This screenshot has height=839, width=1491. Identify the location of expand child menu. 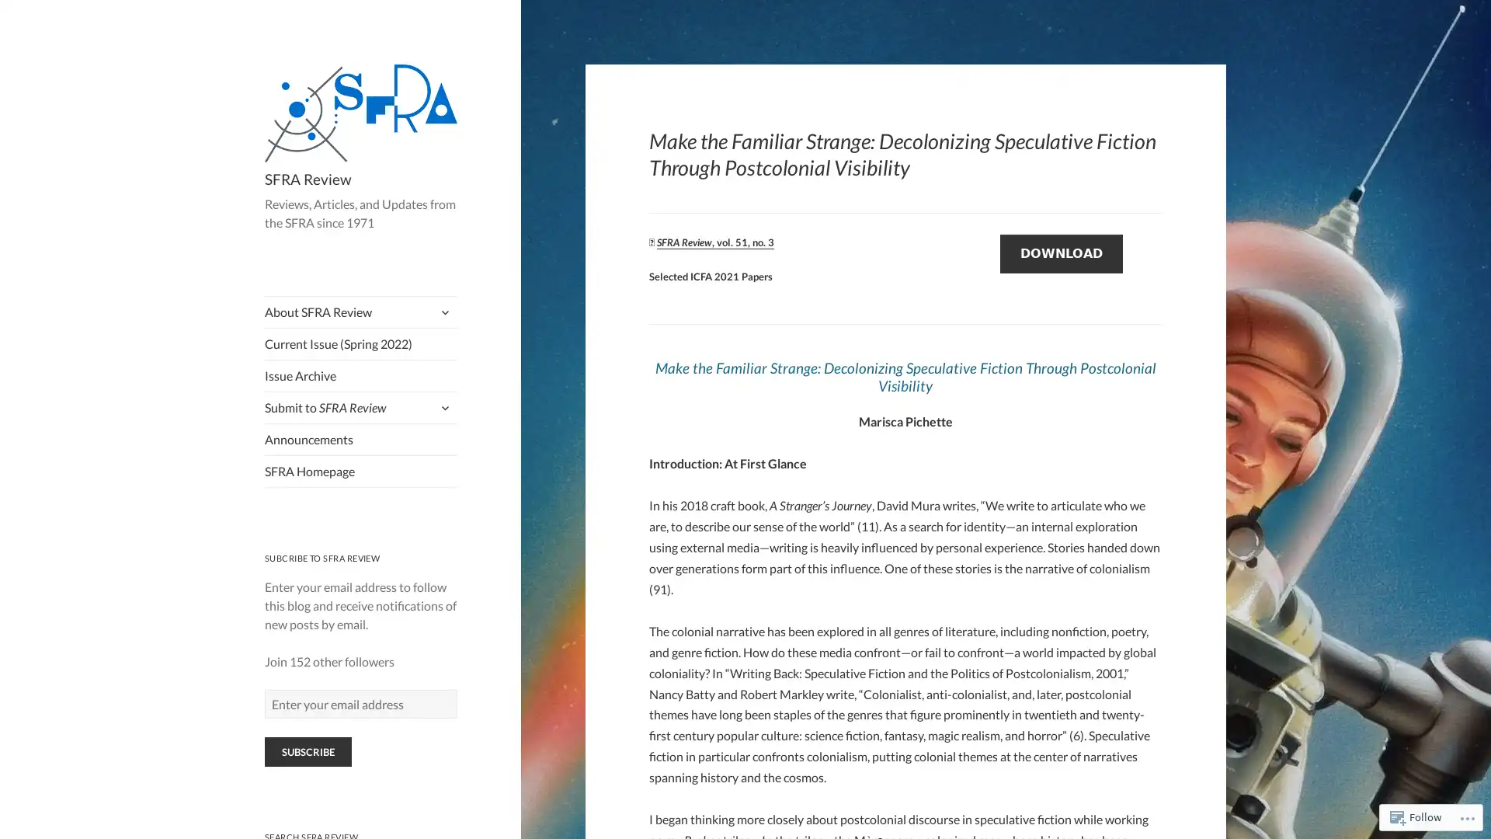
(443, 312).